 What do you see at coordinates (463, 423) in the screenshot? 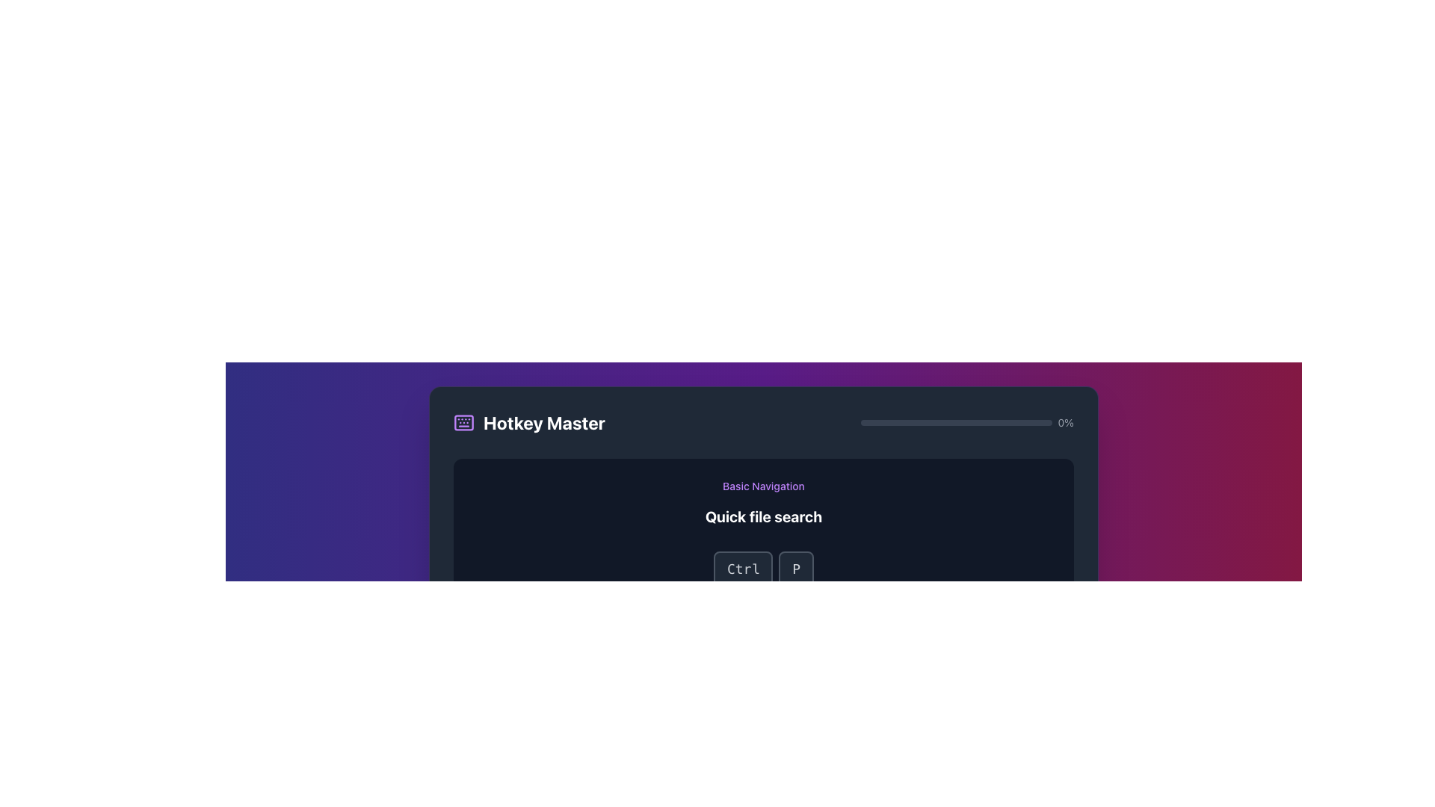
I see `the SVG rectangle that is a part of the keyboard icon located in the top-left corner of the user interface` at bounding box center [463, 423].